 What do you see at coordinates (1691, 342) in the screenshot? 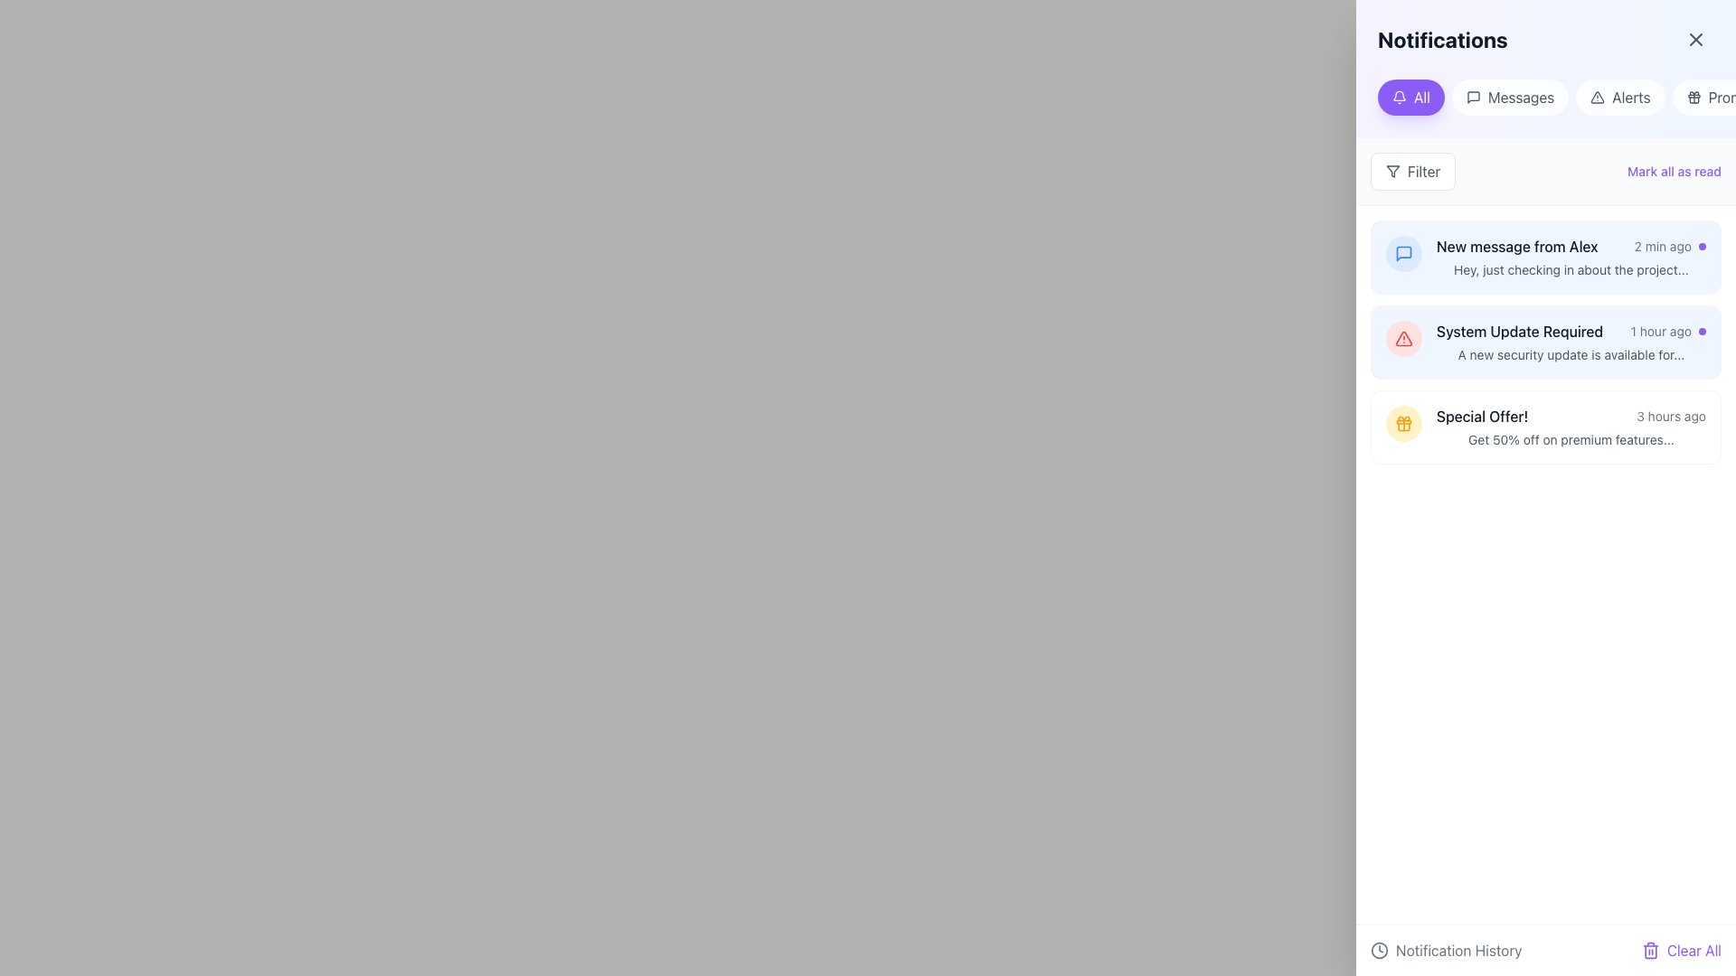
I see `the Vertical Ellipsis icon located near the right edge of the 'System Update Required' notification` at bounding box center [1691, 342].